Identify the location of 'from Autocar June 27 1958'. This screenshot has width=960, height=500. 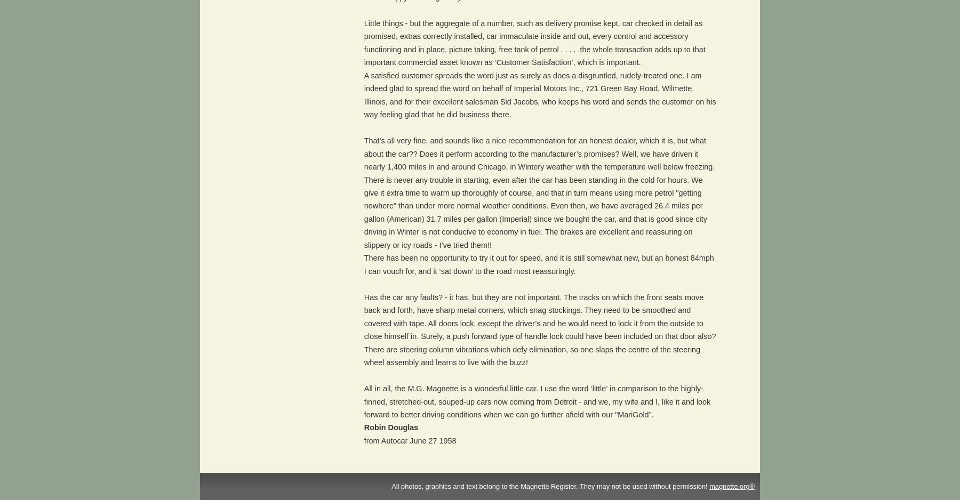
(409, 440).